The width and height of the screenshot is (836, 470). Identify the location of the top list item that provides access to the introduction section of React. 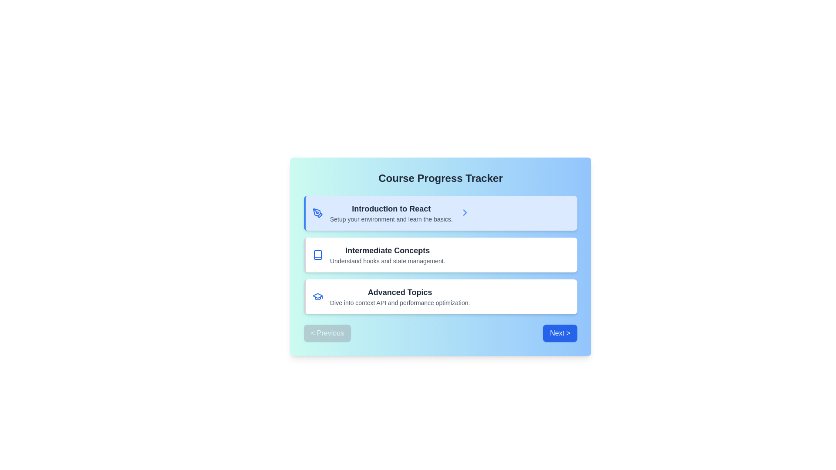
(441, 213).